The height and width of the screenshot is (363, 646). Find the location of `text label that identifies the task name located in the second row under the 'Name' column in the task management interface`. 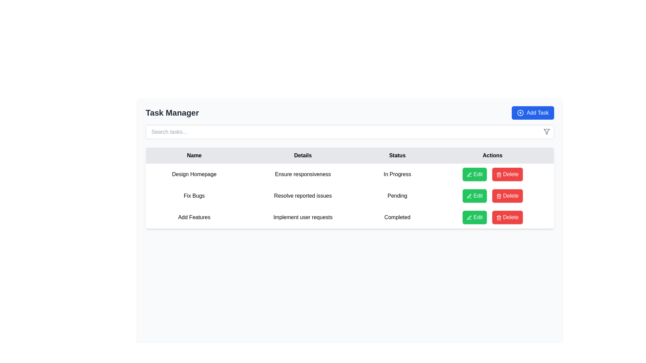

text label that identifies the task name located in the second row under the 'Name' column in the task management interface is located at coordinates (194, 196).